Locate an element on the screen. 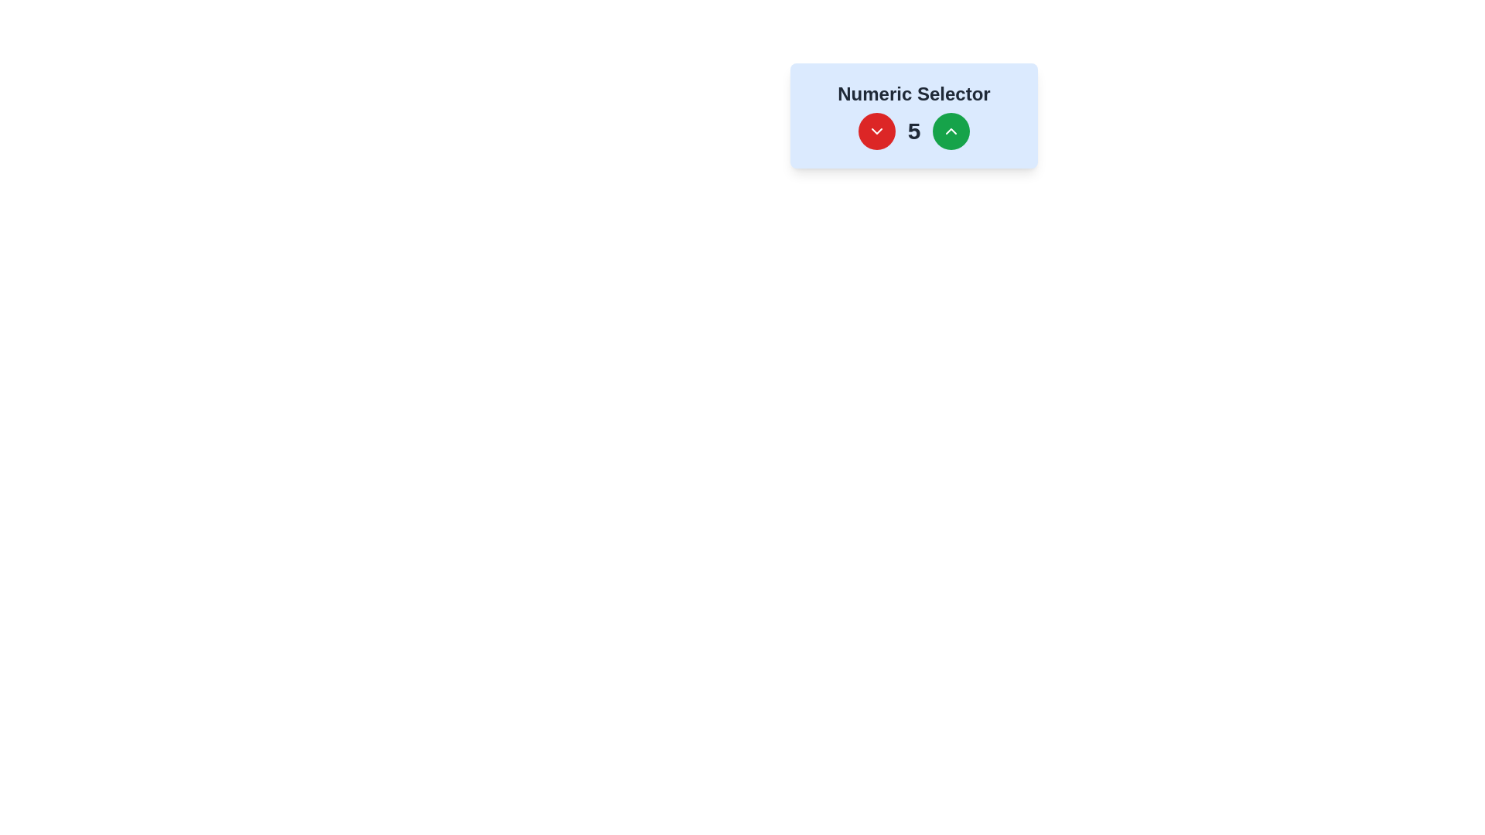  the Text label that serves as the title for the numeric selector interface, located at the top of a light blue, rounded, and shadowed box is located at coordinates (913, 94).